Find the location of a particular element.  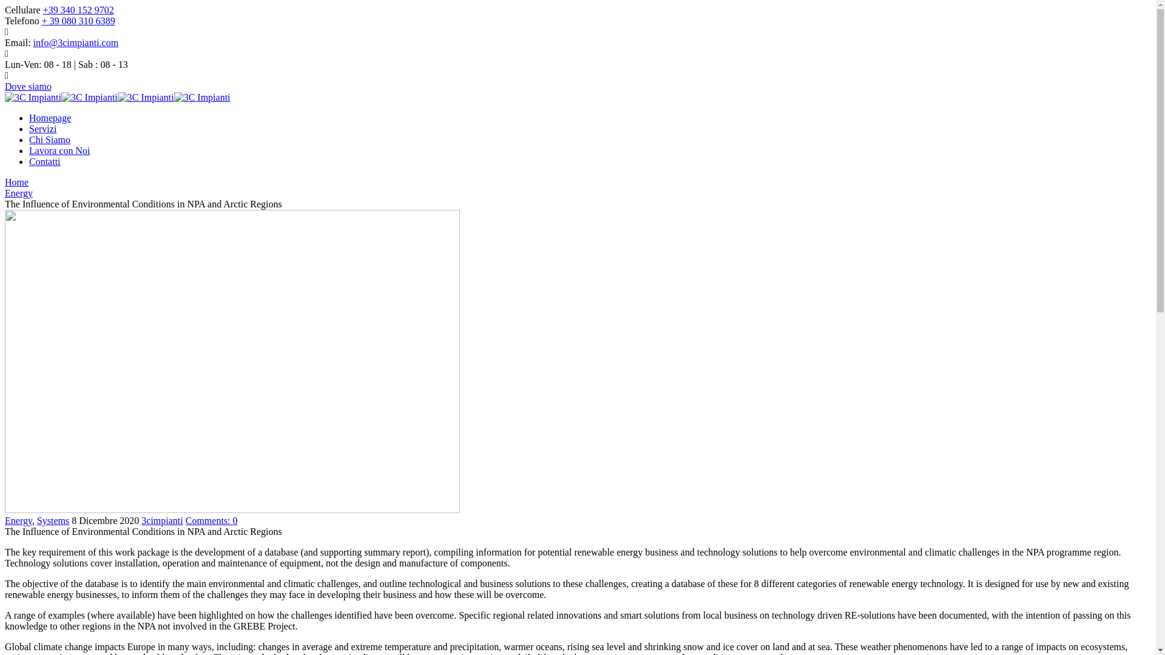

'+39 340 152 9702' is located at coordinates (43, 10).